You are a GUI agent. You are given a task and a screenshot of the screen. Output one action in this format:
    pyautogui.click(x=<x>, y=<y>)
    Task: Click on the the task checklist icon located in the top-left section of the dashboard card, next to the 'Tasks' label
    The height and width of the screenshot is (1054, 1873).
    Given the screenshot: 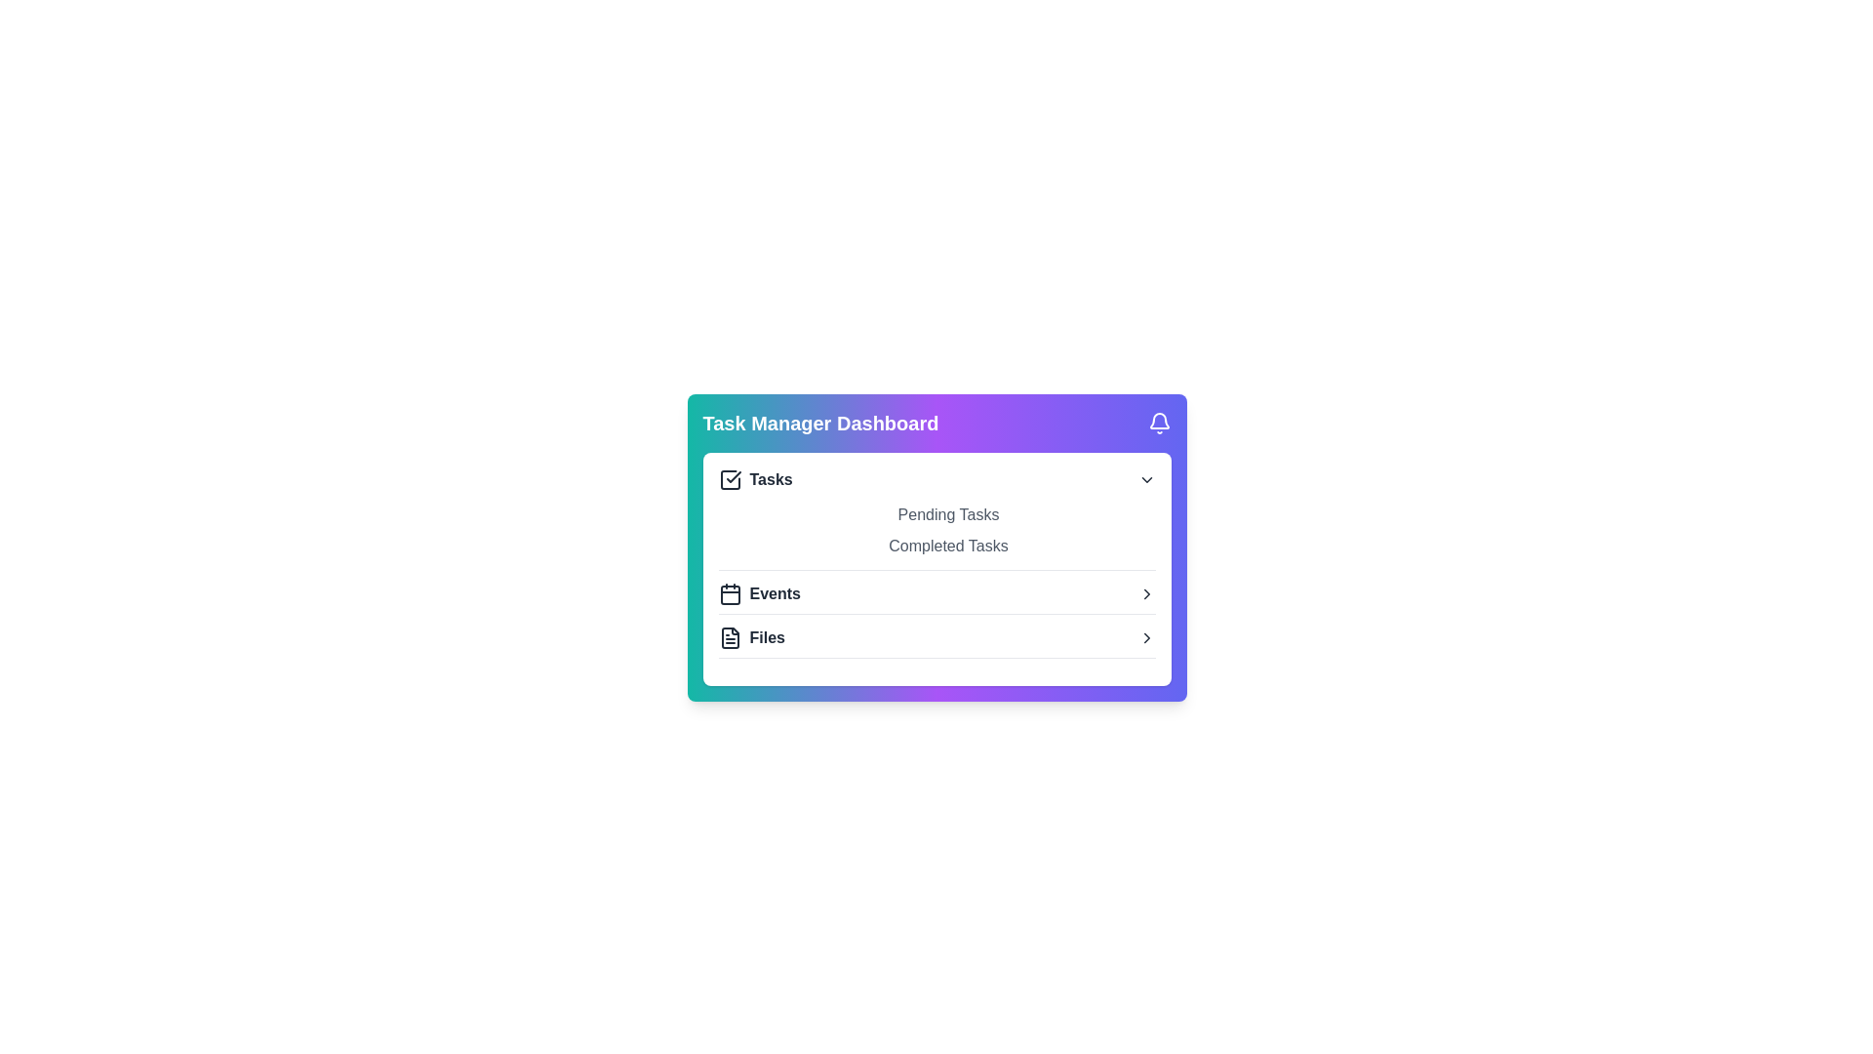 What is the action you would take?
    pyautogui.click(x=733, y=477)
    